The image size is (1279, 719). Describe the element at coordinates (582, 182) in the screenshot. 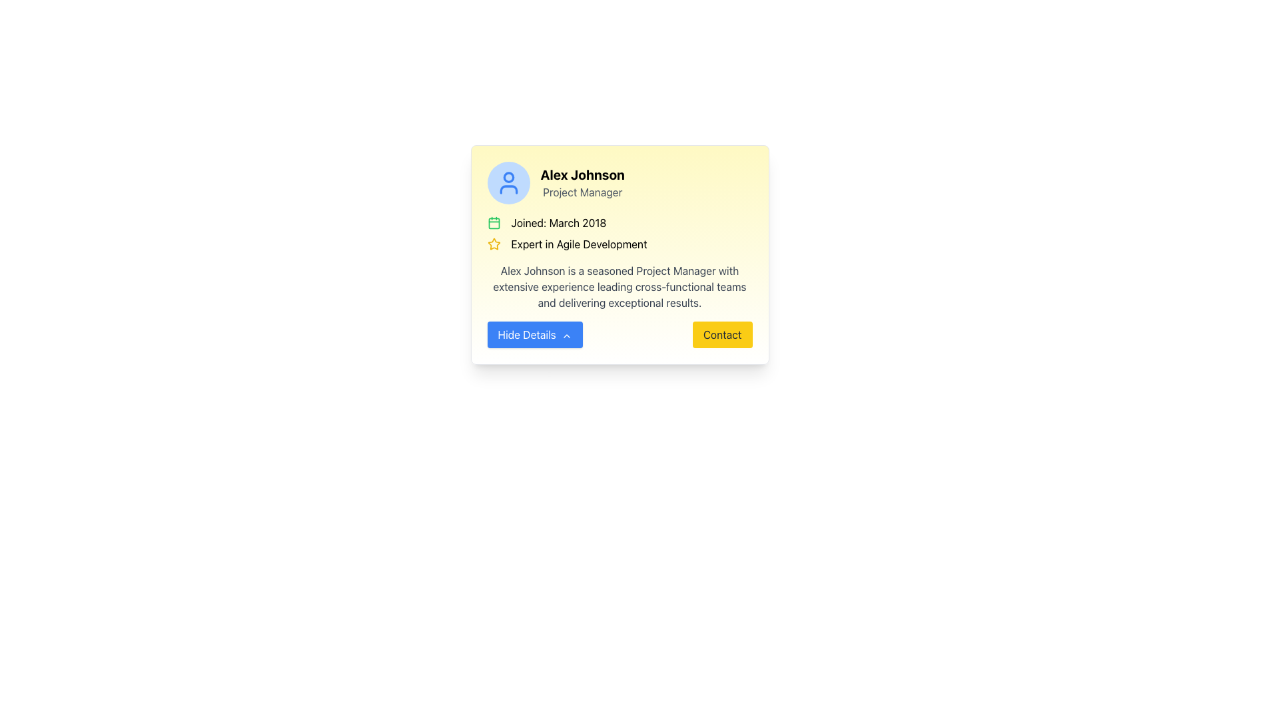

I see `the text block displaying 'Alex Johnson' and 'Project Manager' within the yellow card` at that location.